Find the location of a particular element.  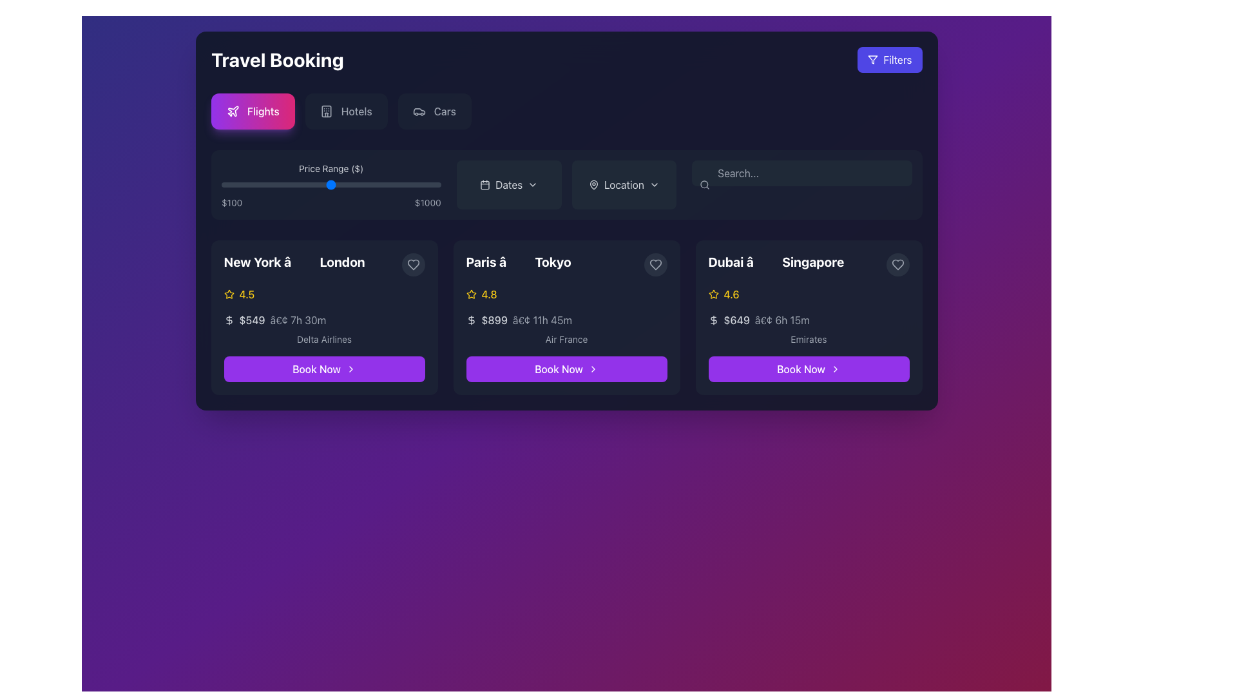

the rectangular button with rounded corners, purple background, and white 'Book Now' text is located at coordinates (324, 369).